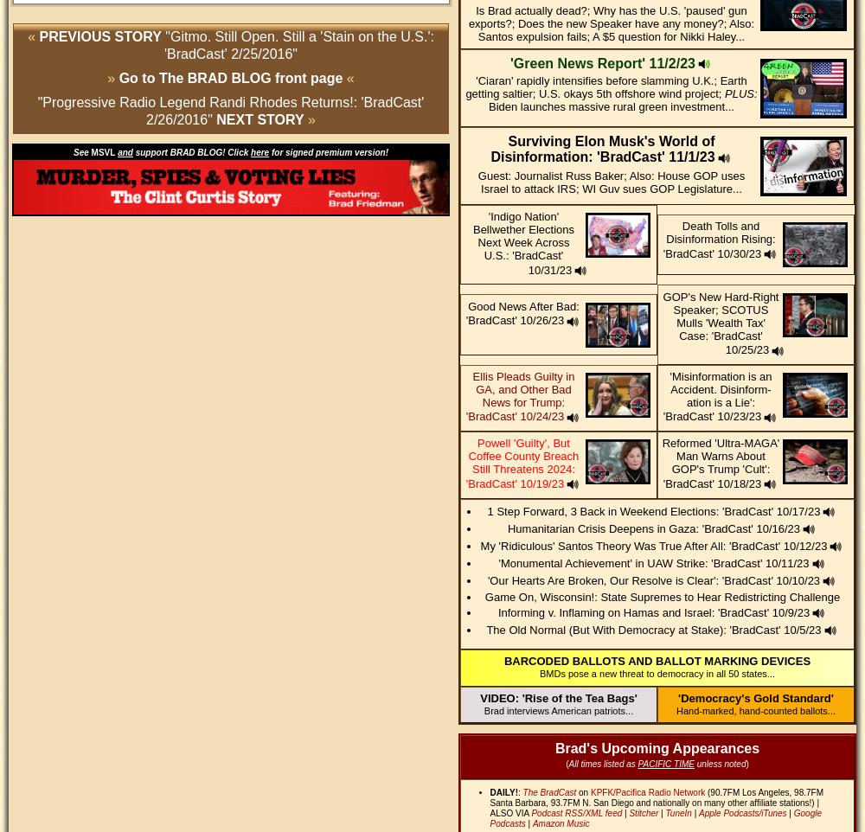 The height and width of the screenshot is (832, 865). Describe the element at coordinates (643, 813) in the screenshot. I see `'Stitcher'` at that location.